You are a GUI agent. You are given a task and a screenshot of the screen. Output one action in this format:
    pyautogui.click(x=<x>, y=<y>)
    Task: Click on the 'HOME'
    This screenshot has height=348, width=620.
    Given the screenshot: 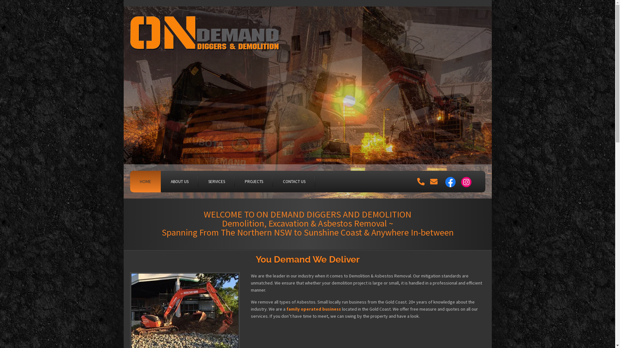 What is the action you would take?
    pyautogui.click(x=145, y=181)
    